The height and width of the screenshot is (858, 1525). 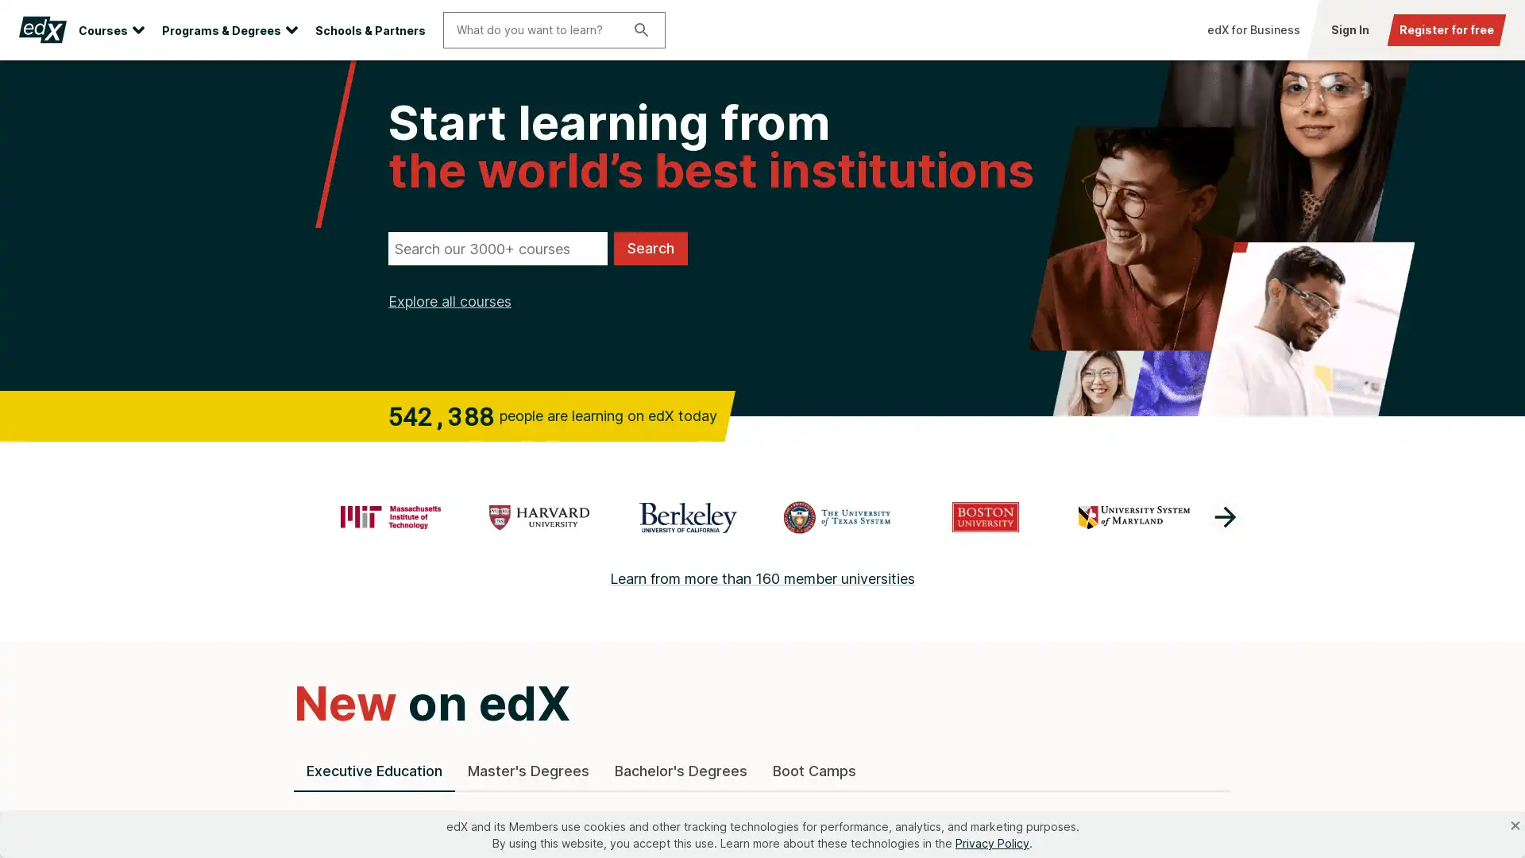 I want to click on next, so click(x=1224, y=517).